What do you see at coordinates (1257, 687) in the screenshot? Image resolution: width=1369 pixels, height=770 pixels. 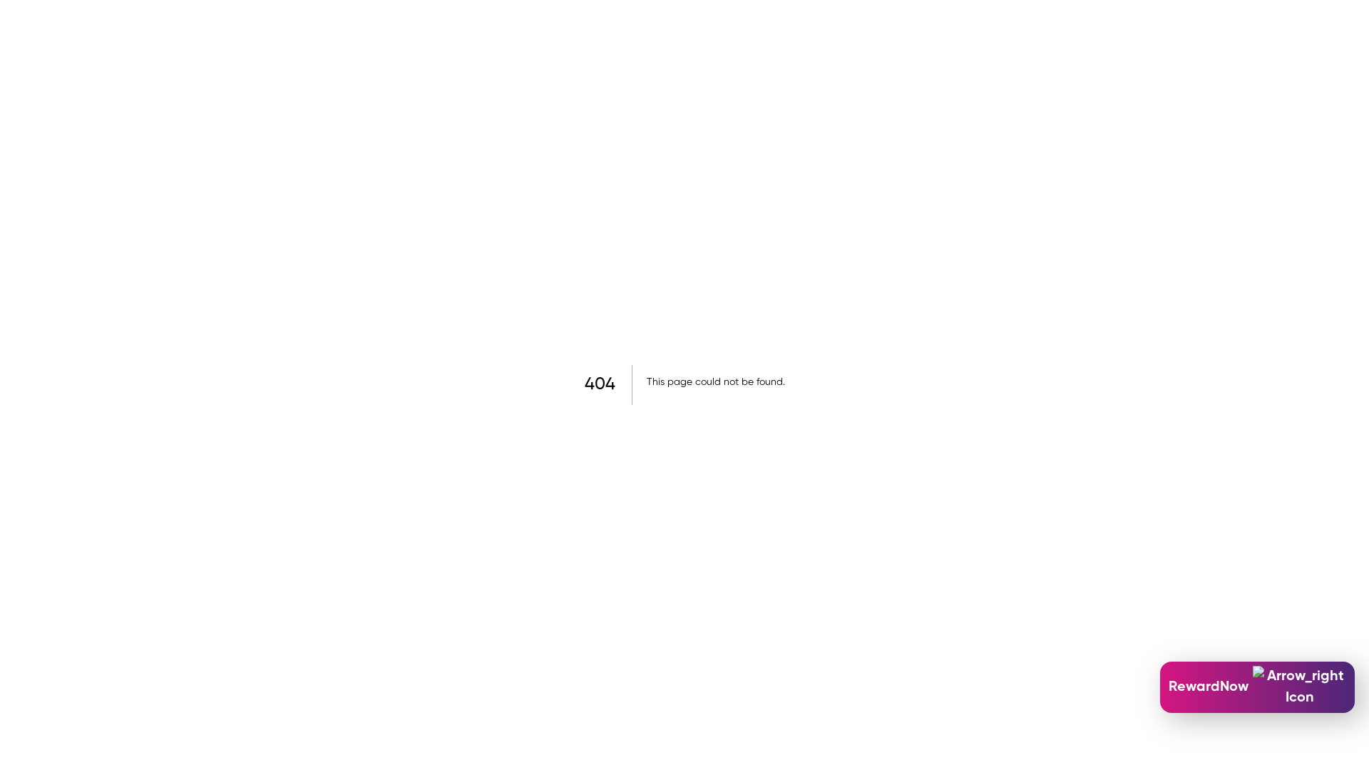 I see `'RewardNow'` at bounding box center [1257, 687].